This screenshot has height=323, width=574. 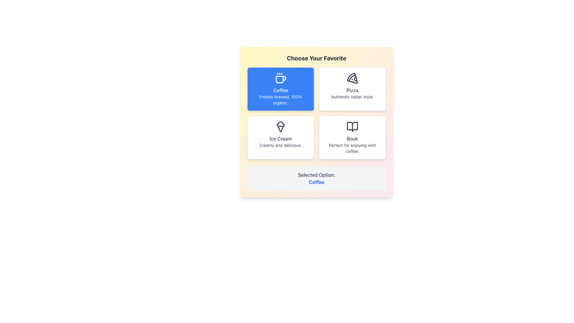 I want to click on the Interactive Card representing Pizza, so click(x=352, y=89).